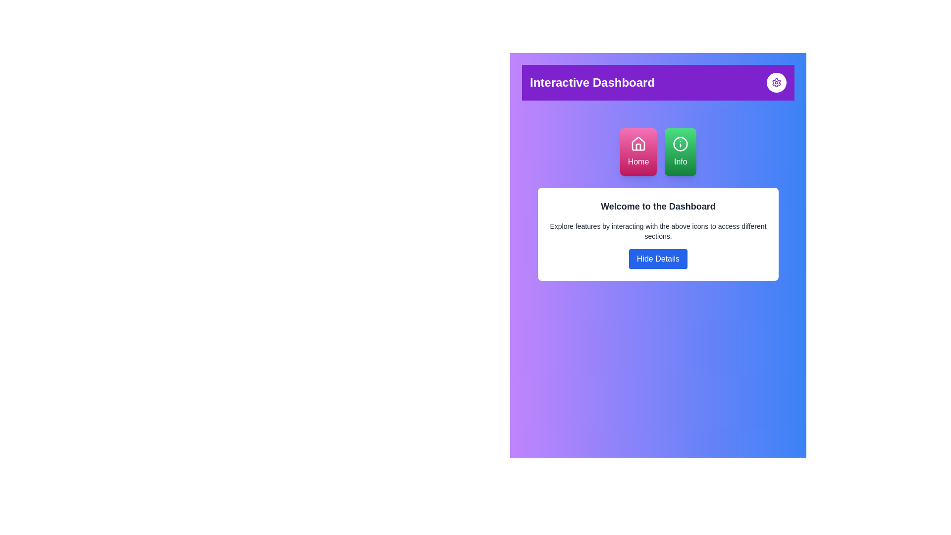 Image resolution: width=951 pixels, height=535 pixels. Describe the element at coordinates (776, 82) in the screenshot. I see `the circular button with a white background, purple border, and cog icon located on the right side of the header bar next to 'Interactive Dashboard'` at that location.